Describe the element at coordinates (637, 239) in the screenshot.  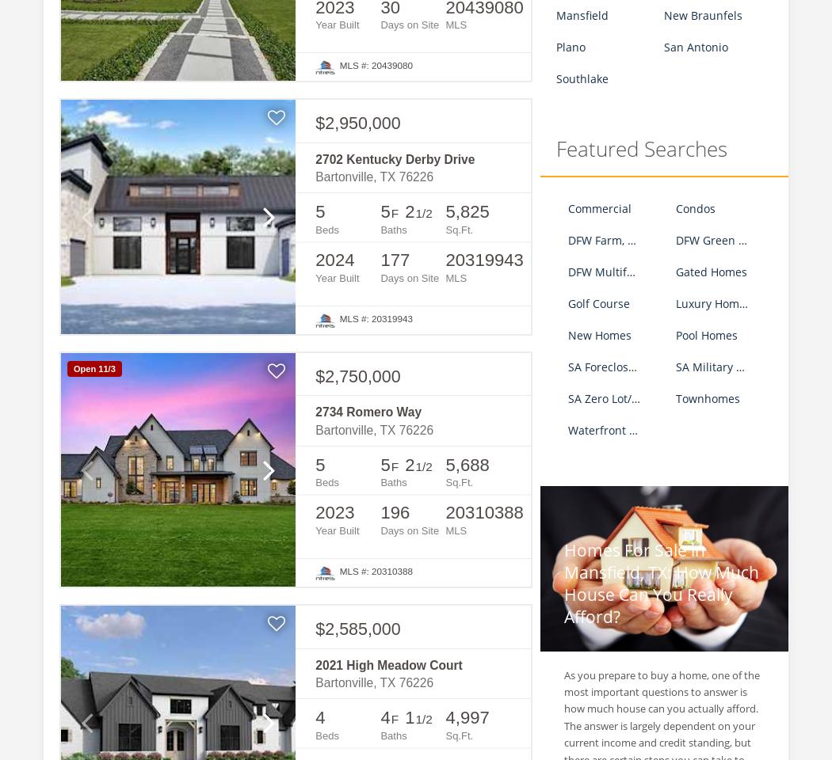
I see `'DFW Farm, Ranch, Acerage'` at that location.